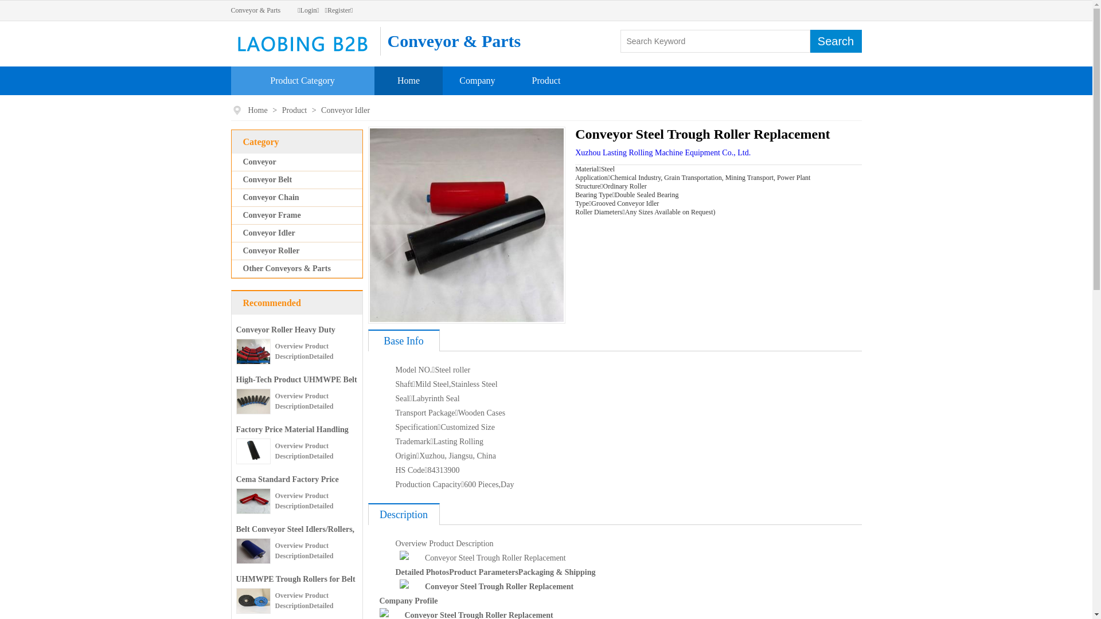 The image size is (1101, 619). I want to click on 'Product', so click(546, 80).